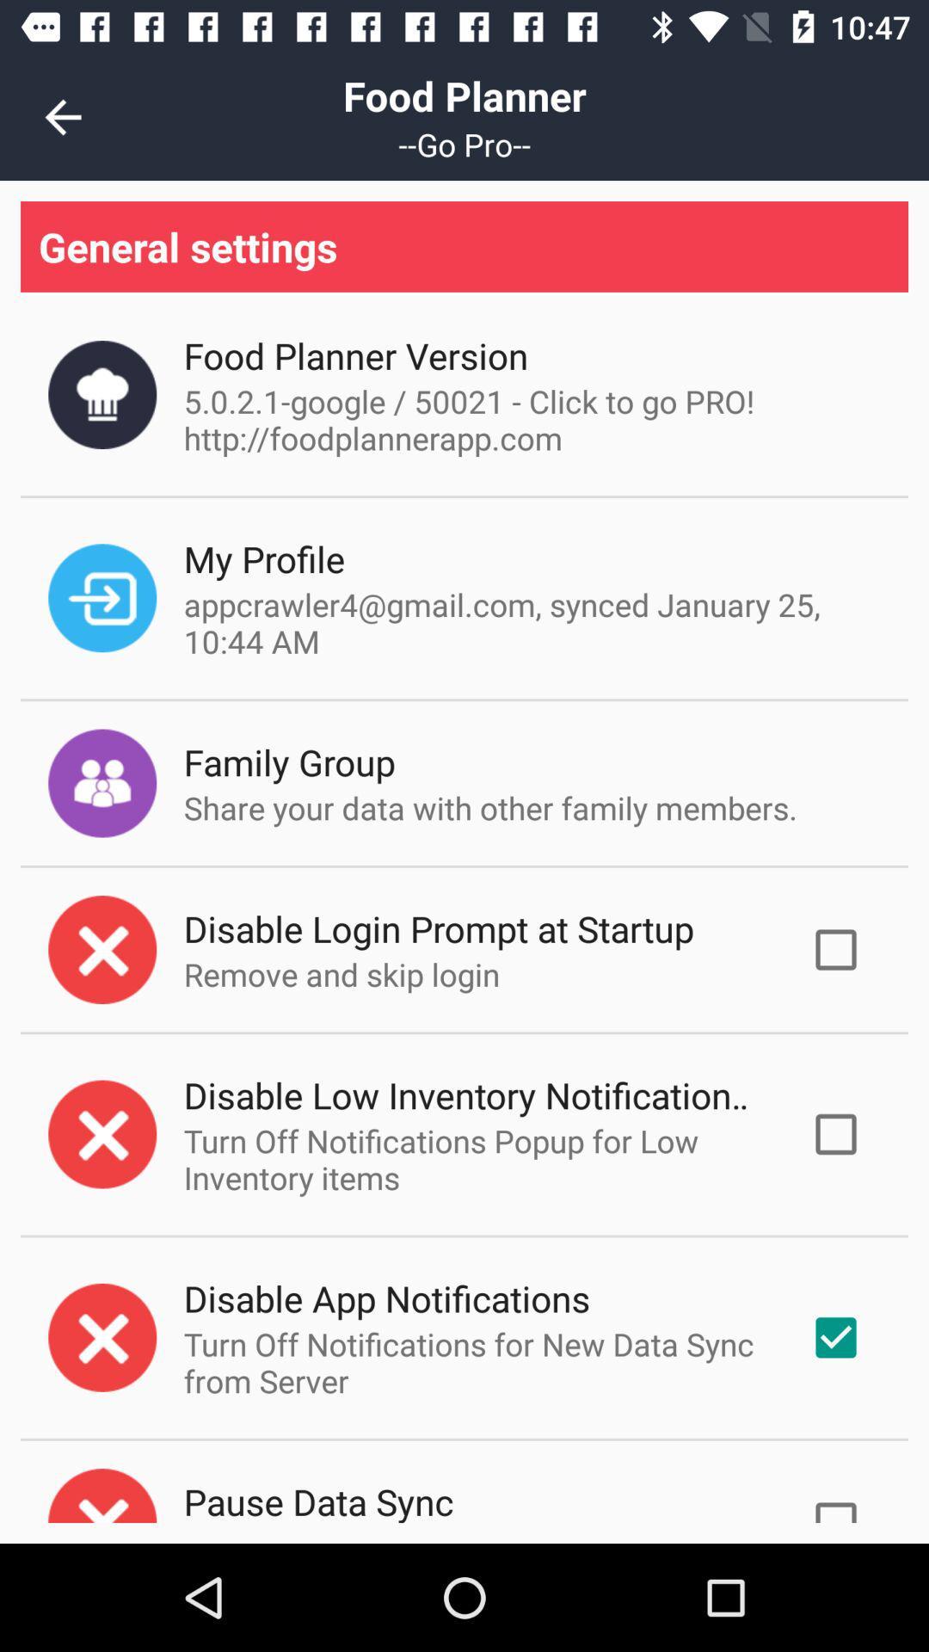  Describe the element at coordinates (464, 245) in the screenshot. I see `icon above the food planner version` at that location.